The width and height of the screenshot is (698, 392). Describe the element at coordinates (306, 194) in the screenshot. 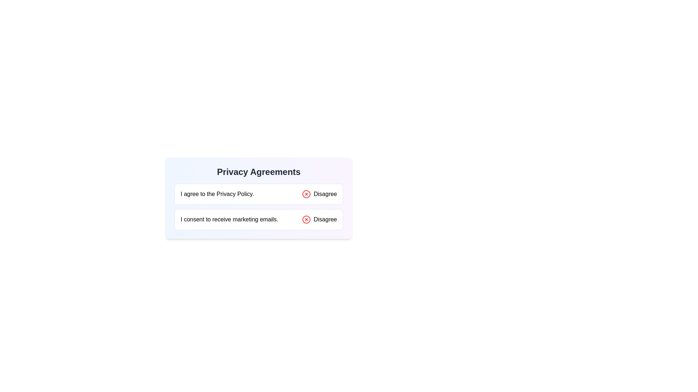

I see `the status of the 'Disagree' icon located on the far-right side of the top row of the list` at that location.